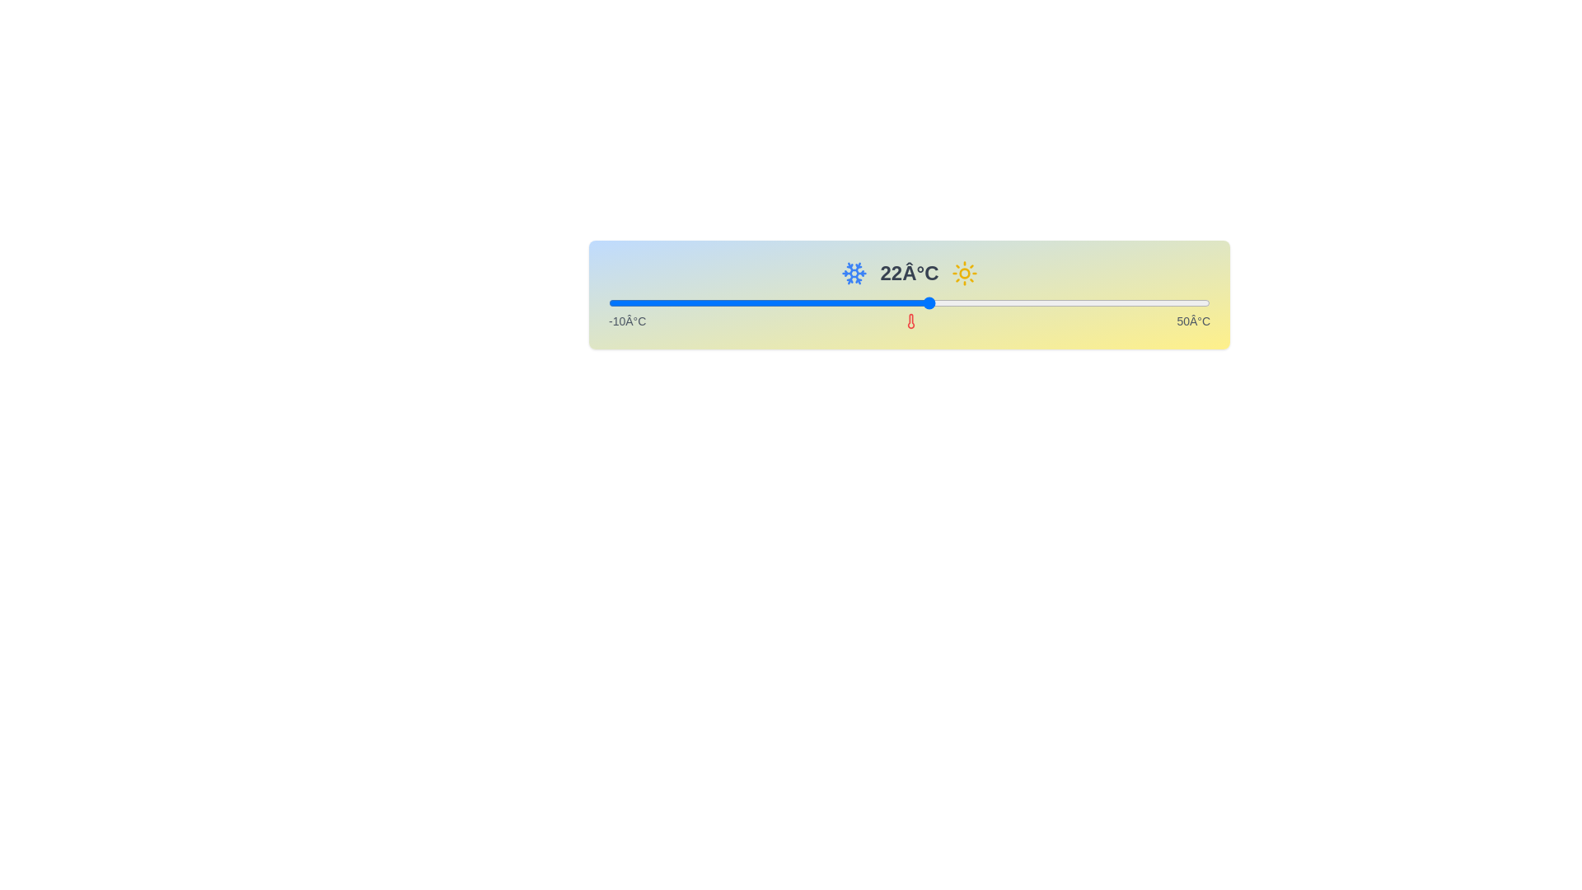  I want to click on the slider to set the temperature to 39 degrees Celsius, so click(1100, 302).